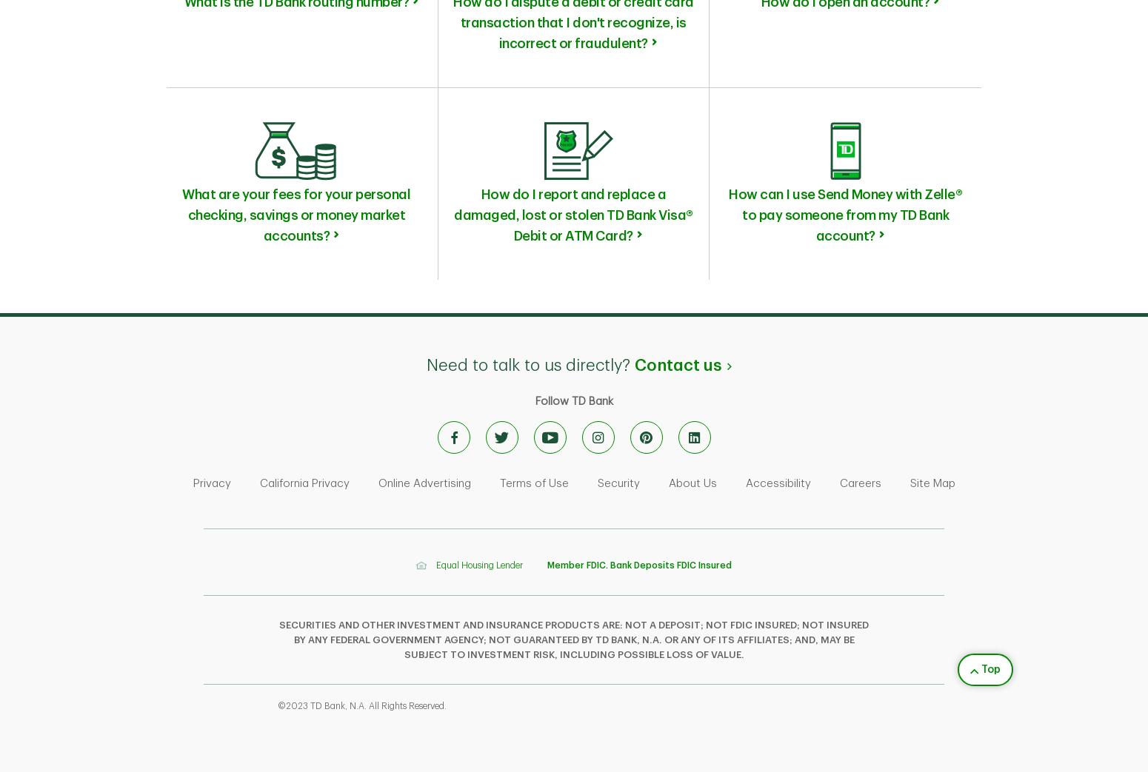 This screenshot has height=772, width=1148. I want to click on 'About Us', so click(667, 483).